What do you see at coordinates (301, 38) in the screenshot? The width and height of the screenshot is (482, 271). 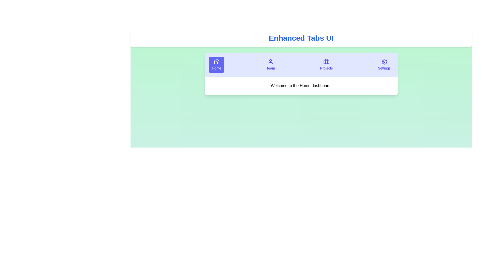 I see `the large, bold, blue Header text reading 'Enhanced Tabs UI' located centrally at the top of the interface` at bounding box center [301, 38].